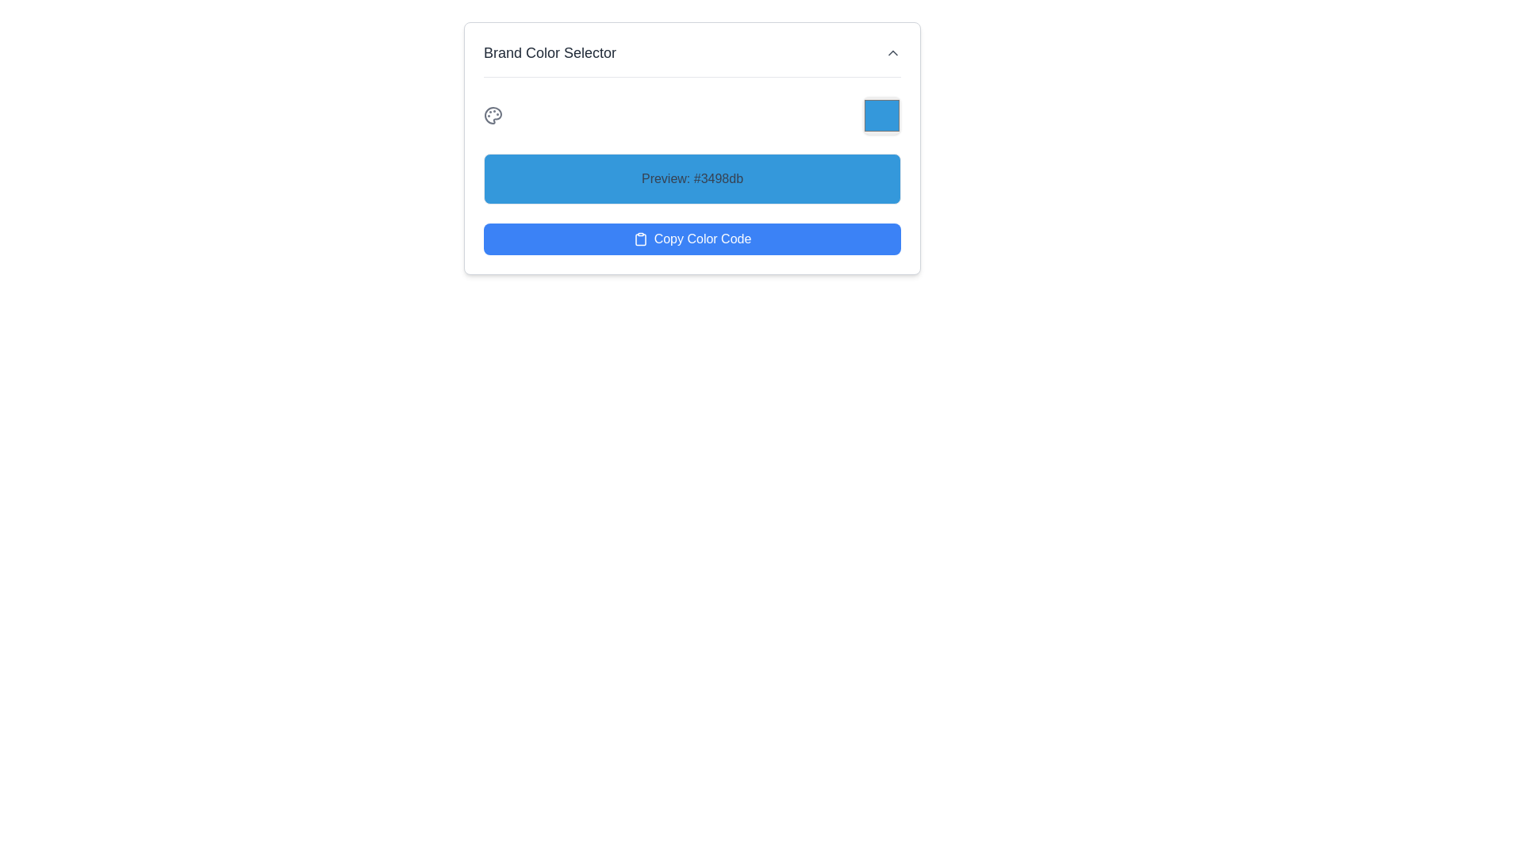  Describe the element at coordinates (550, 52) in the screenshot. I see `the text label displaying 'Brand Color Selector' in dark gray, located at the upper part of the content box` at that location.